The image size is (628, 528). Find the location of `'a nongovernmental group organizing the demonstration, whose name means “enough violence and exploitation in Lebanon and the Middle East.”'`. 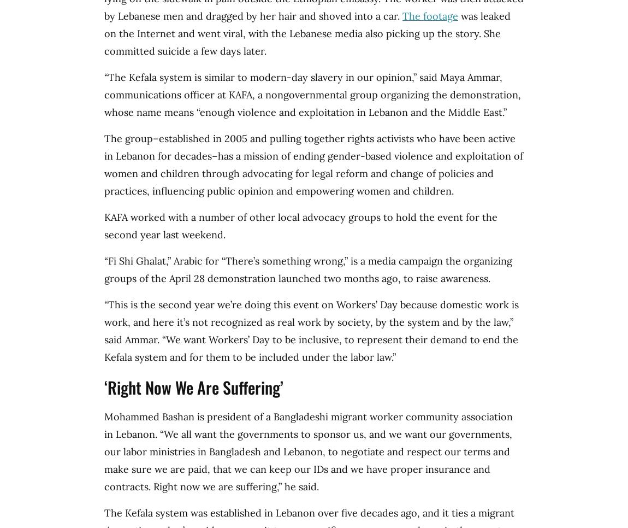

'a nongovernmental group organizing the demonstration, whose name means “enough violence and exploitation in Lebanon and the Middle East.”' is located at coordinates (104, 103).